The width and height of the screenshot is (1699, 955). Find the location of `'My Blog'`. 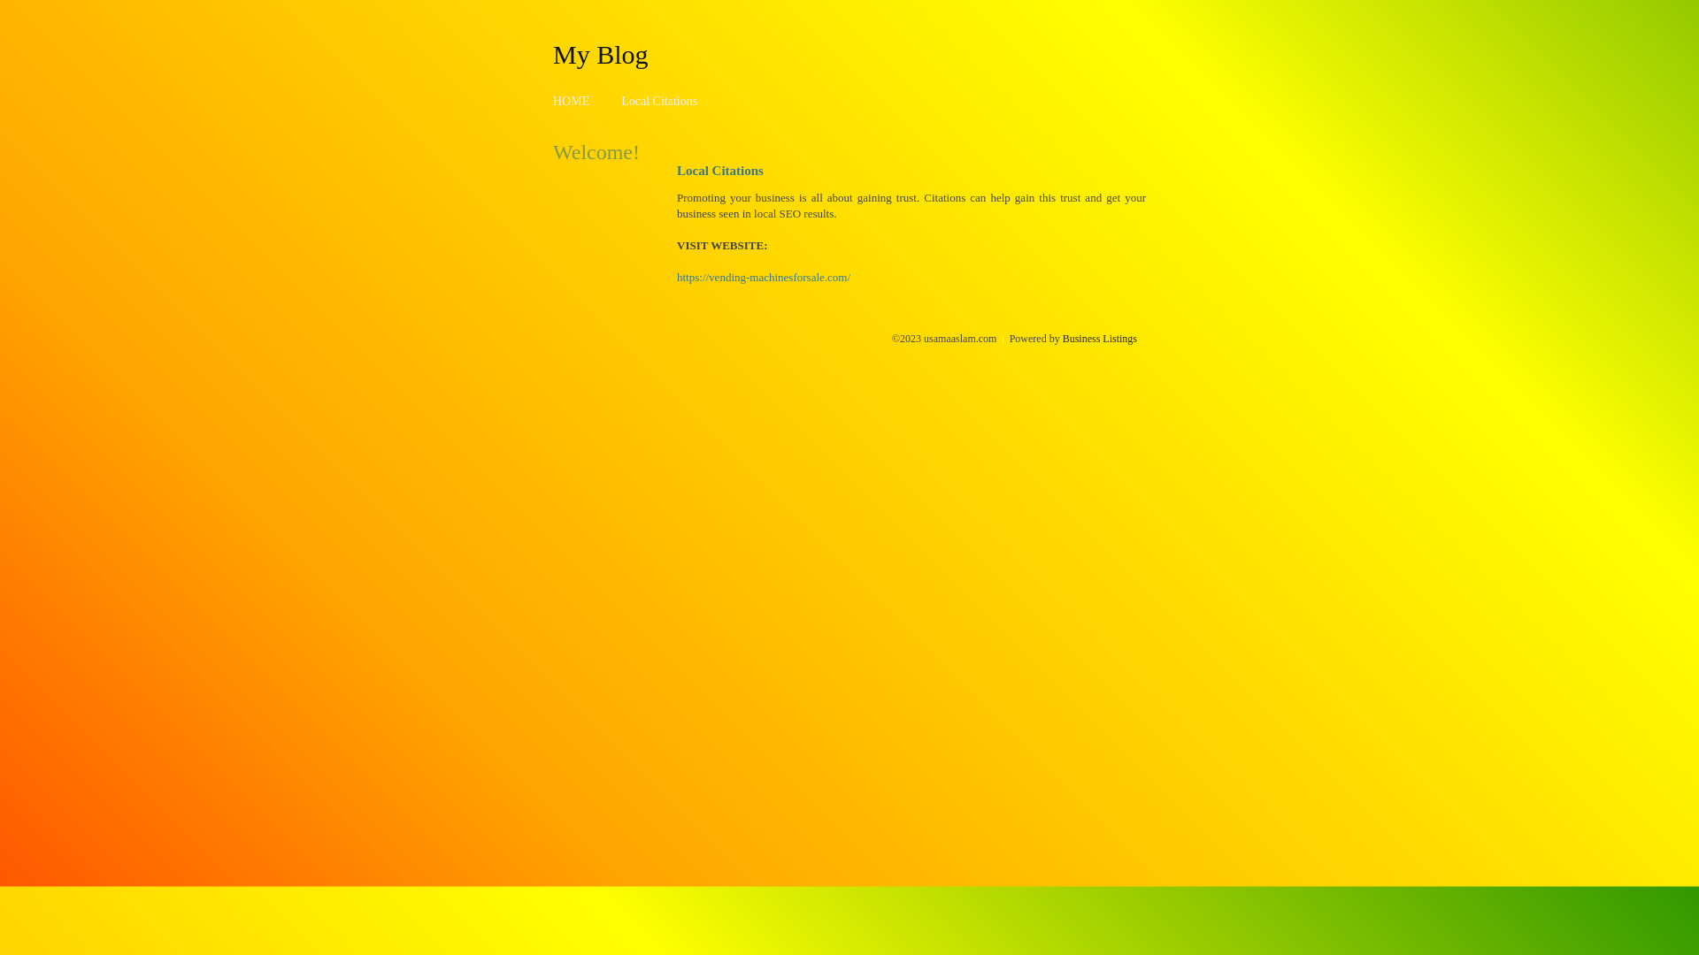

'My Blog' is located at coordinates (600, 53).